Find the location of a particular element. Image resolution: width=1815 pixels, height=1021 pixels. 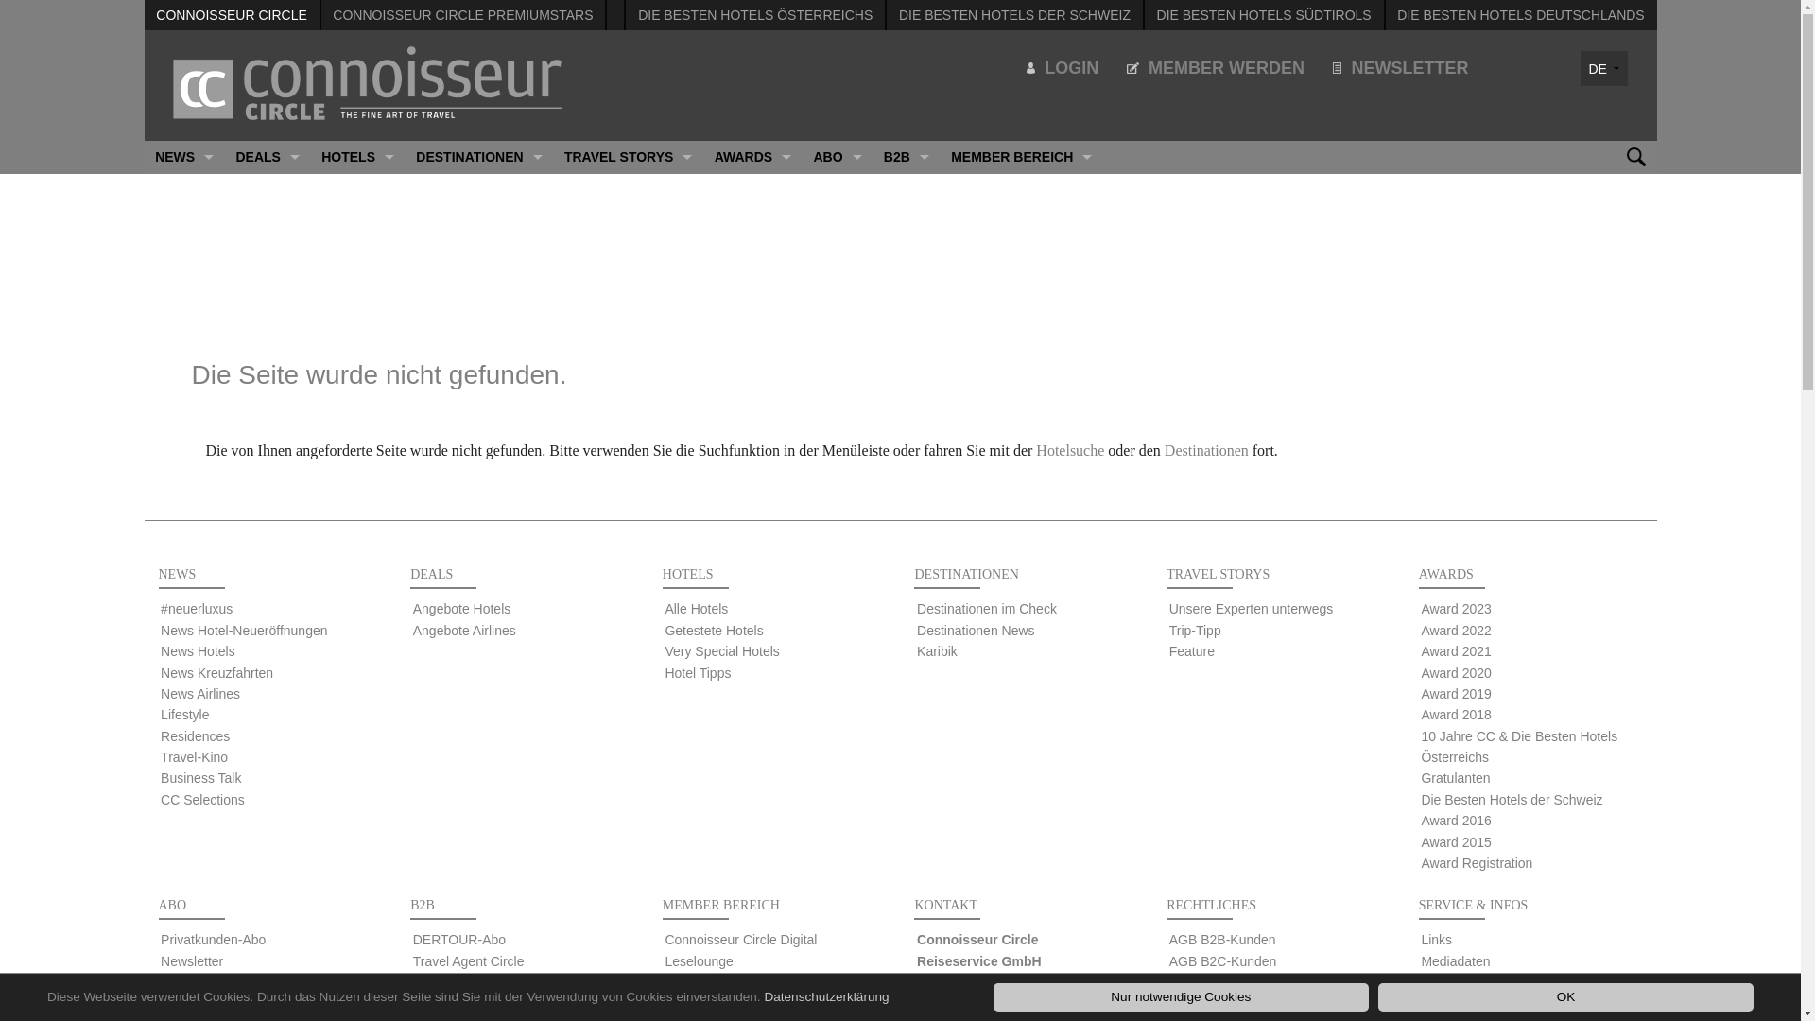

'AGB B2B-Kunden' is located at coordinates (1222, 940).